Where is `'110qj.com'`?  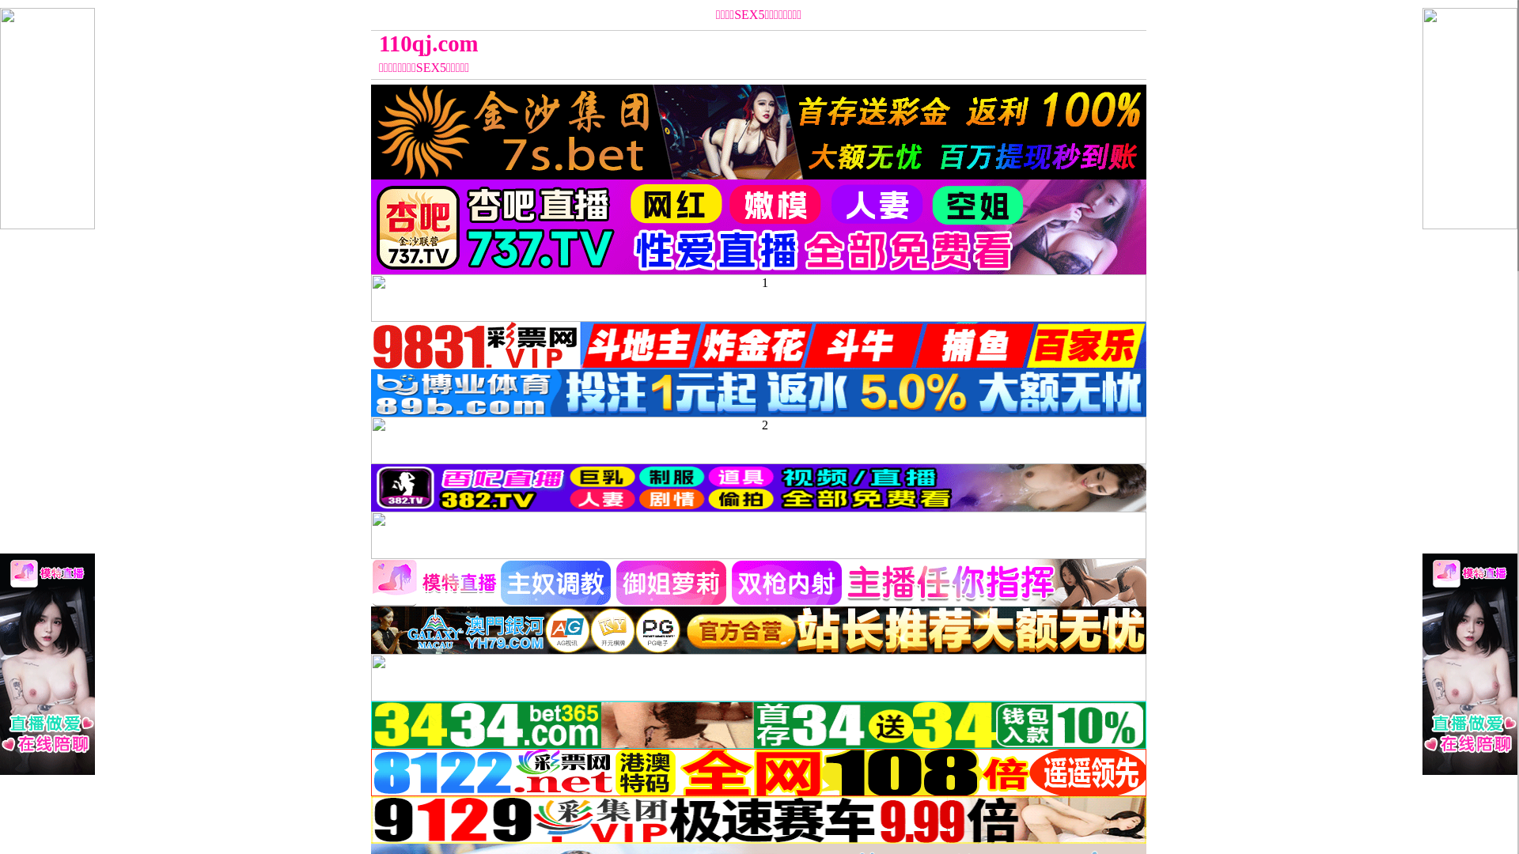 '110qj.com' is located at coordinates (661, 43).